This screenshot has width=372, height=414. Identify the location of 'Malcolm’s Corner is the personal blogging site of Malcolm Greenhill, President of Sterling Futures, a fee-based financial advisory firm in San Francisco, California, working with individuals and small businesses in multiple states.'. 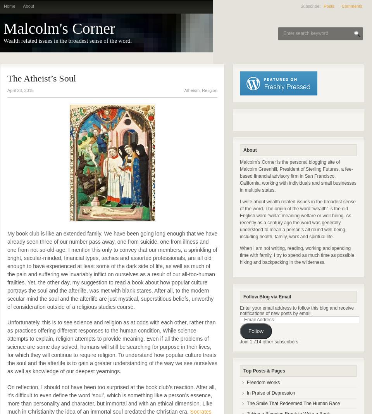
(297, 176).